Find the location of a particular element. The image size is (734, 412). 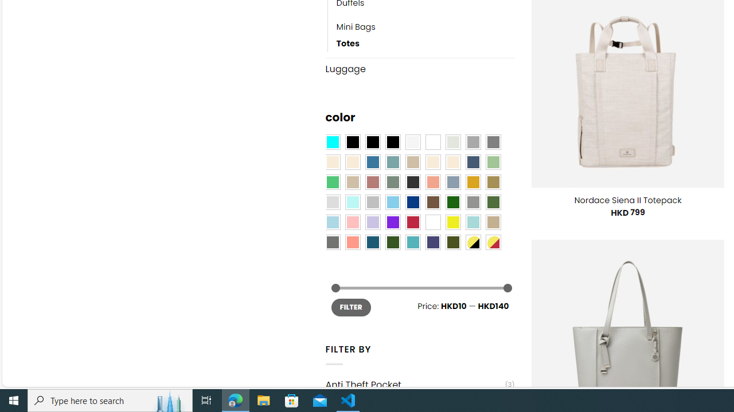

'Black' is located at coordinates (373, 142).